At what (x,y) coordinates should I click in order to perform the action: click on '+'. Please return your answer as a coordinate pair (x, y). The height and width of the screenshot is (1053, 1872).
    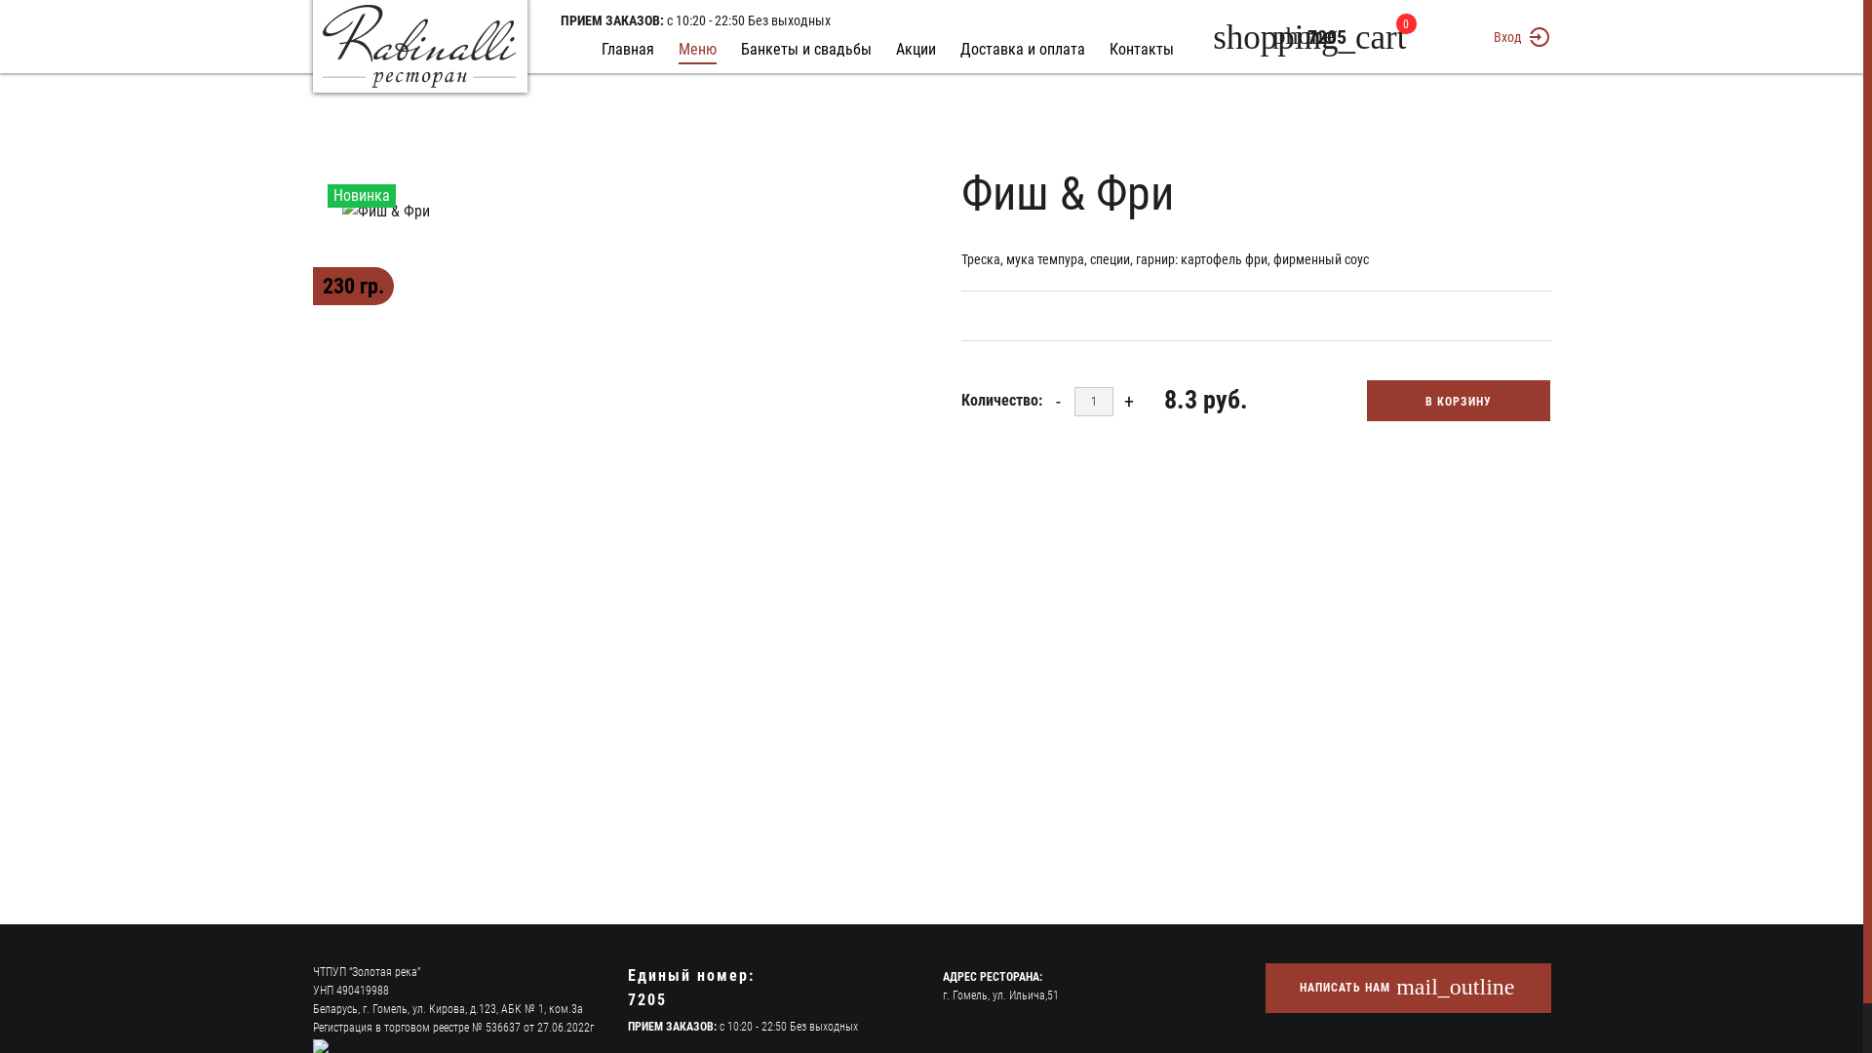
    Looking at the image, I should click on (1129, 401).